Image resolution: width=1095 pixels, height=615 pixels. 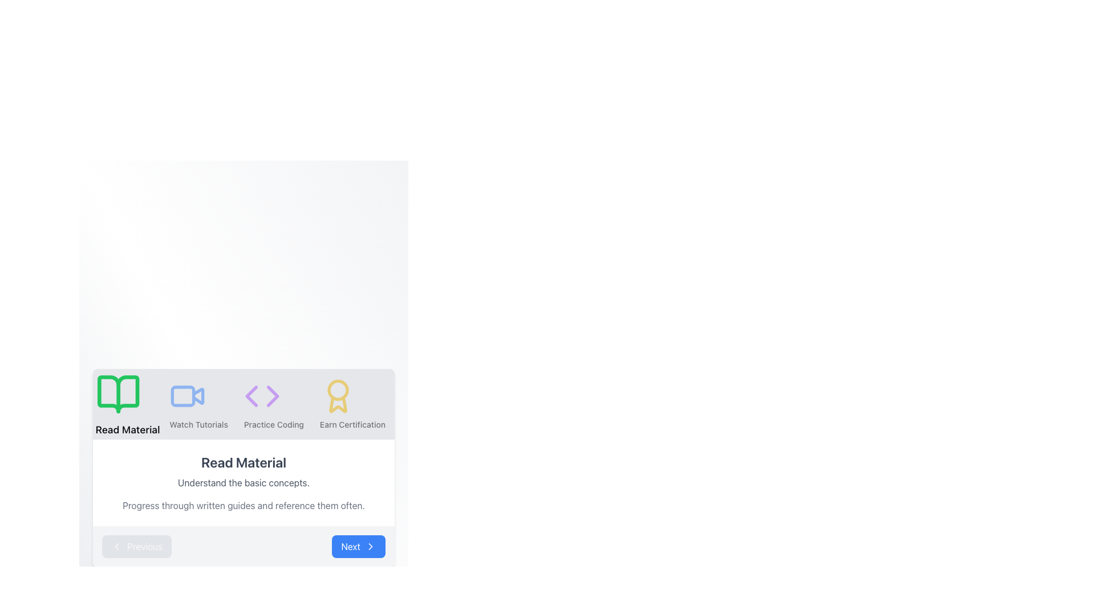 I want to click on the 'Read Material' icon, which is a green open book icon with the label below it, so click(x=128, y=403).